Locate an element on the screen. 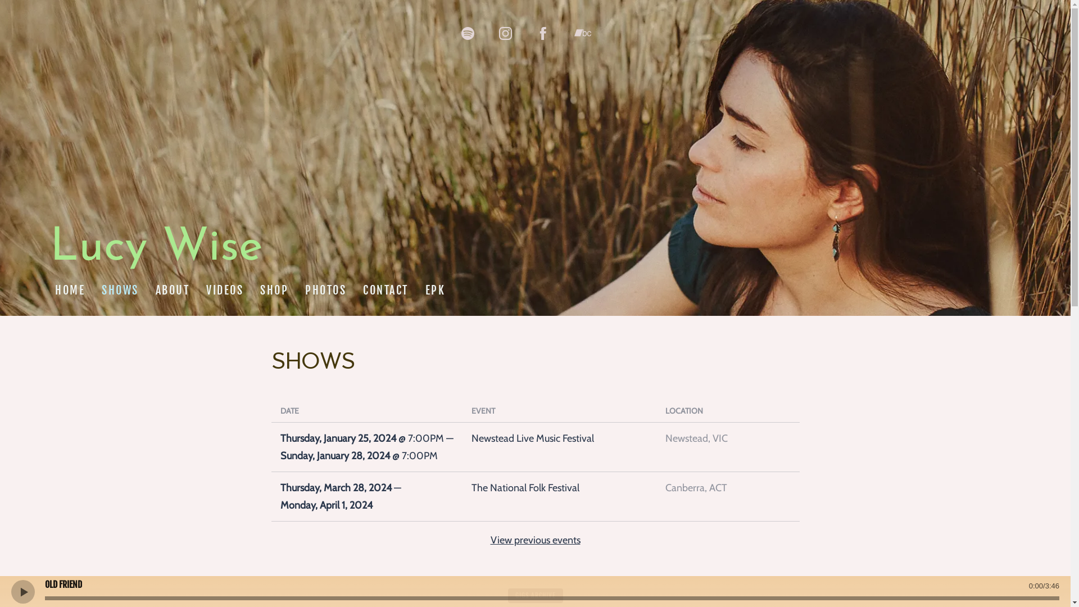 The width and height of the screenshot is (1079, 607). 'CONTACT' is located at coordinates (386, 289).